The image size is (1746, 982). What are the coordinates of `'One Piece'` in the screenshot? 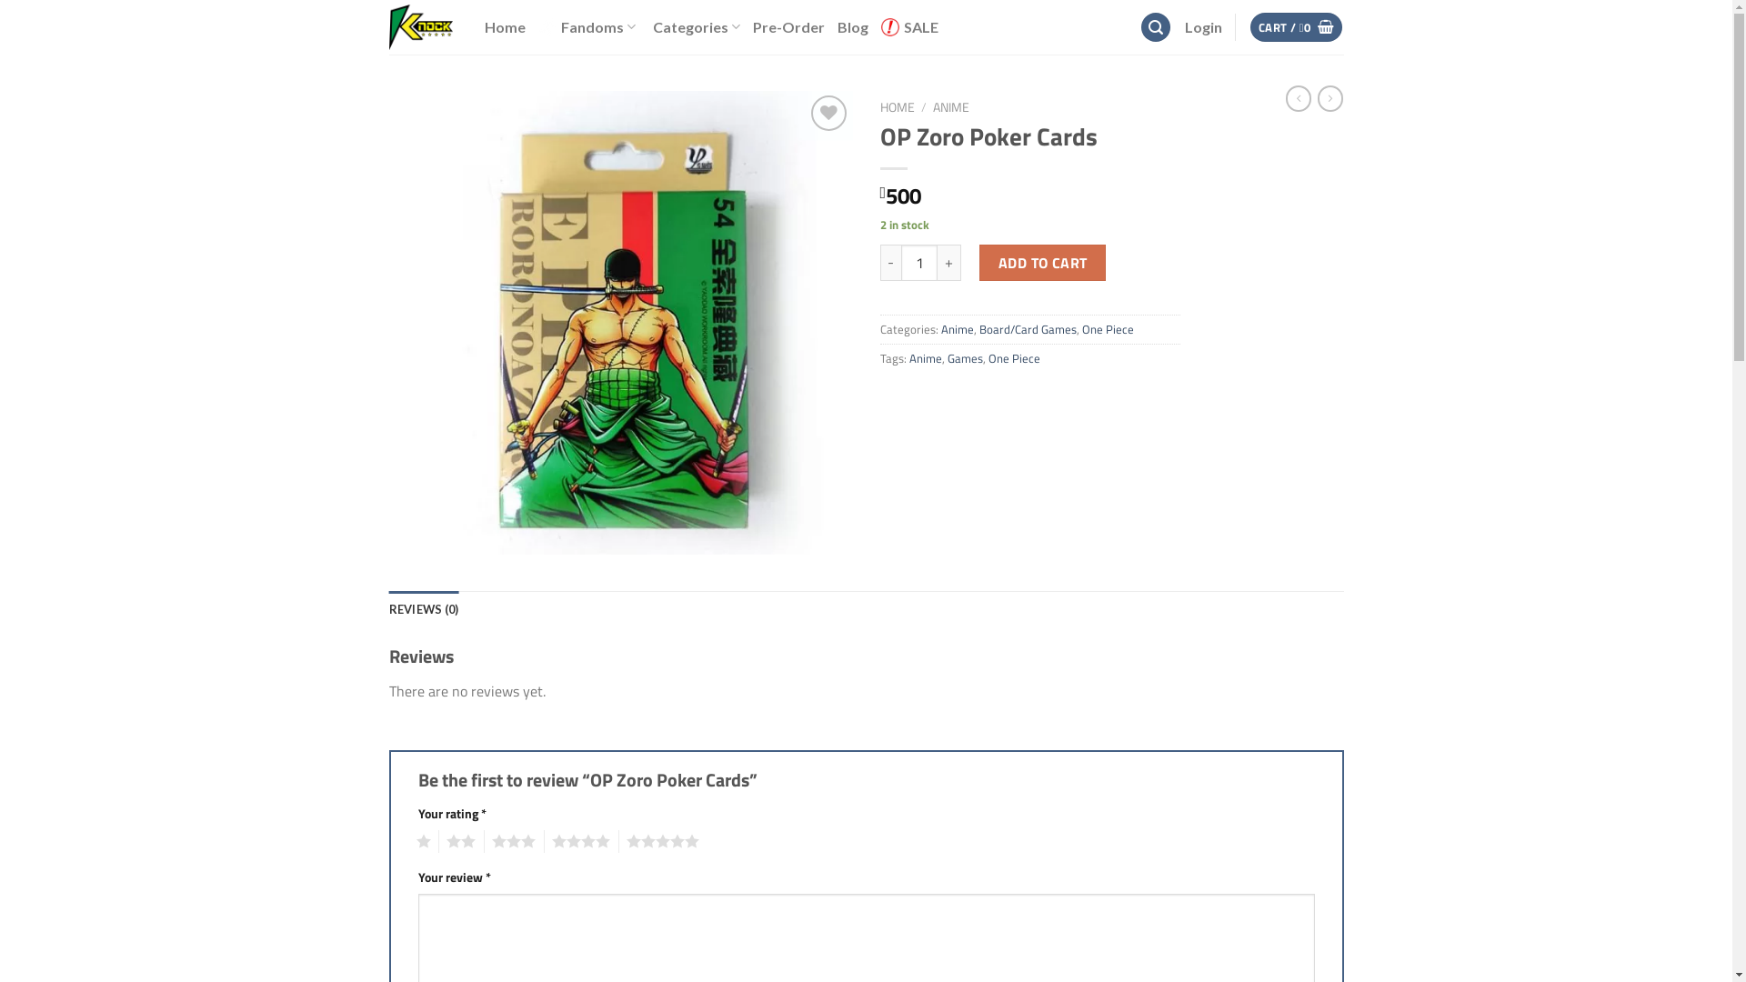 It's located at (1012, 357).